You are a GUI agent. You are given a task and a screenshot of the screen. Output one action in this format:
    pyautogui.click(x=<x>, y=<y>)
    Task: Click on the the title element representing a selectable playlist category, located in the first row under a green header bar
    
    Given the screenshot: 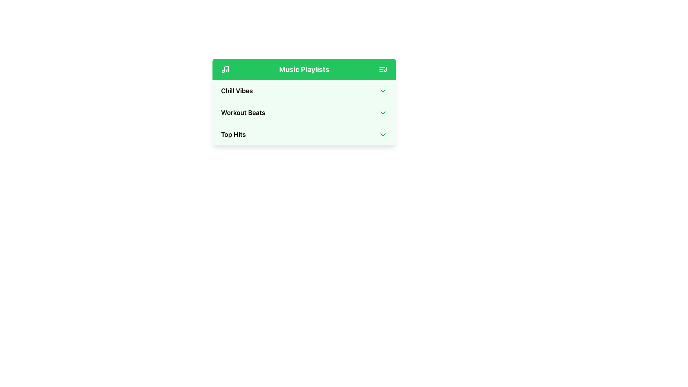 What is the action you would take?
    pyautogui.click(x=237, y=91)
    